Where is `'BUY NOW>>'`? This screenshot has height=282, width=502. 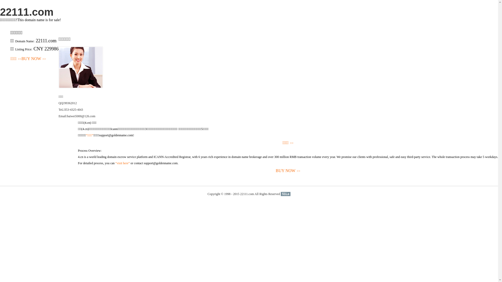 'BUY NOW>>' is located at coordinates (33, 59).